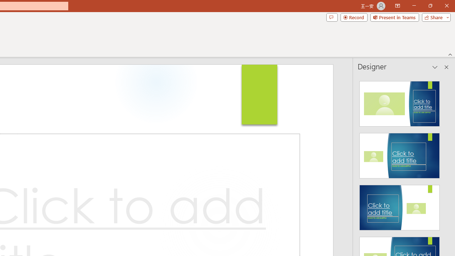 This screenshot has height=256, width=455. I want to click on 'Recommended Design: Design Idea', so click(400, 102).